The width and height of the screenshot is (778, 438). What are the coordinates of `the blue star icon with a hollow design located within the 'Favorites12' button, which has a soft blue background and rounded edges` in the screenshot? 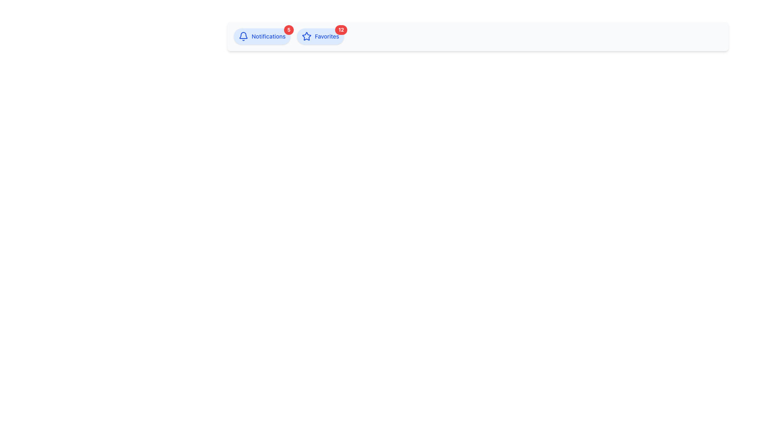 It's located at (306, 36).